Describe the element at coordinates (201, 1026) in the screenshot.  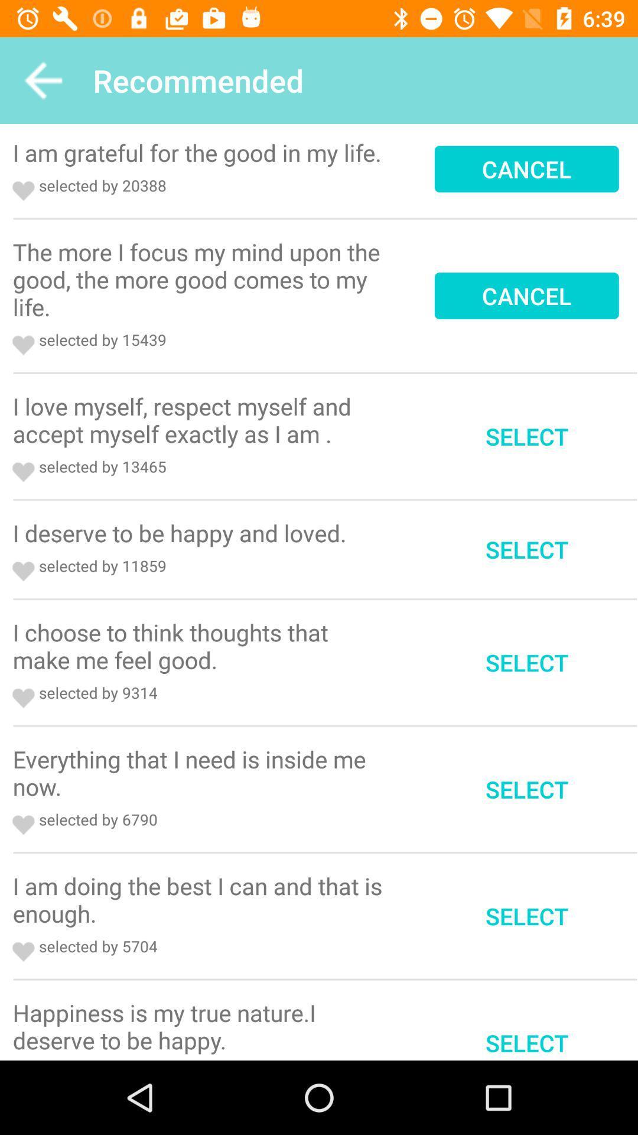
I see `the icon to the left of the select item` at that location.